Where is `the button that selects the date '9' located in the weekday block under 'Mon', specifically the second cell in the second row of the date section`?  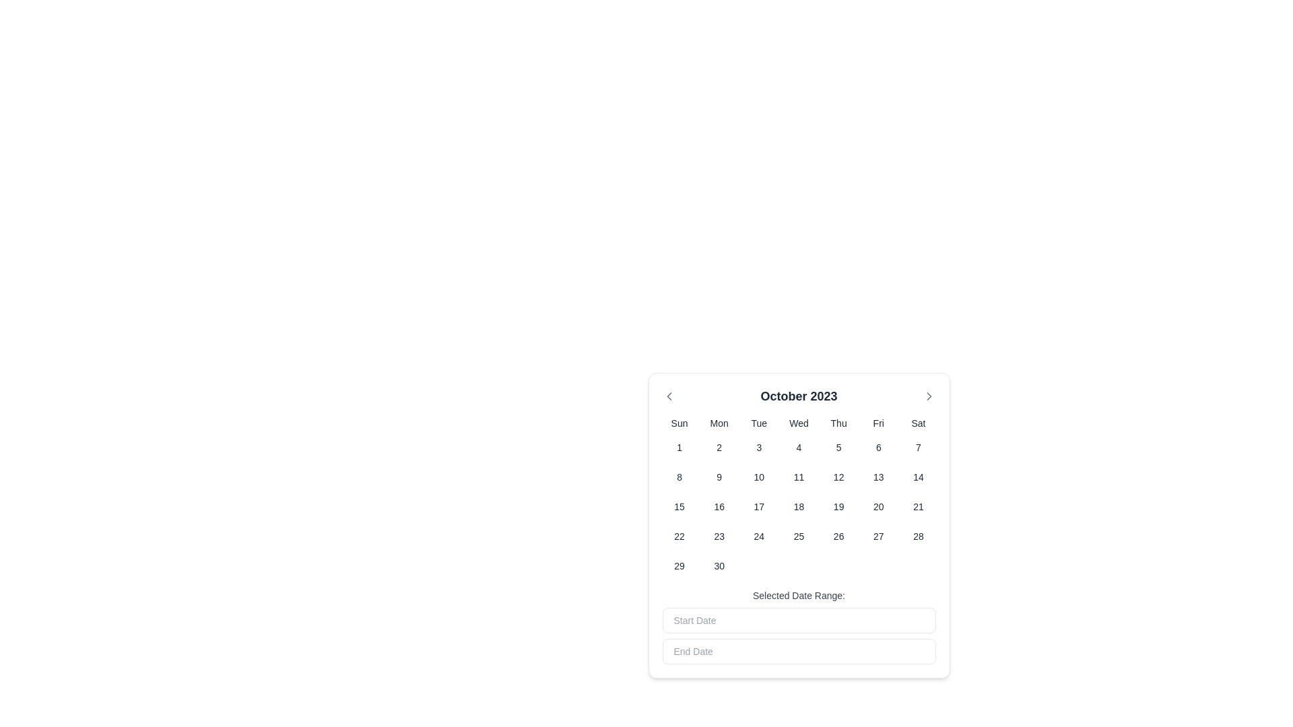
the button that selects the date '9' located in the weekday block under 'Mon', specifically the second cell in the second row of the date section is located at coordinates (719, 477).